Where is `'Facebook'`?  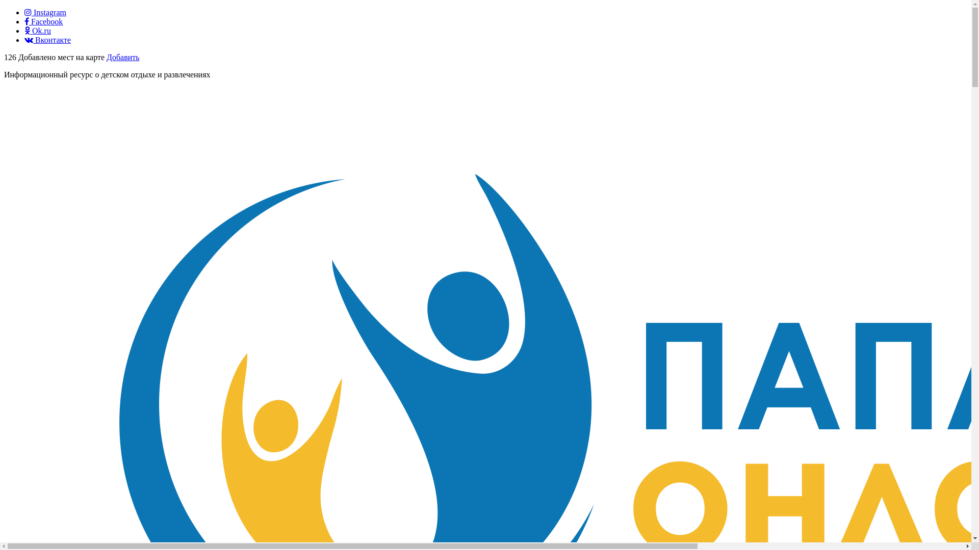 'Facebook' is located at coordinates (43, 21).